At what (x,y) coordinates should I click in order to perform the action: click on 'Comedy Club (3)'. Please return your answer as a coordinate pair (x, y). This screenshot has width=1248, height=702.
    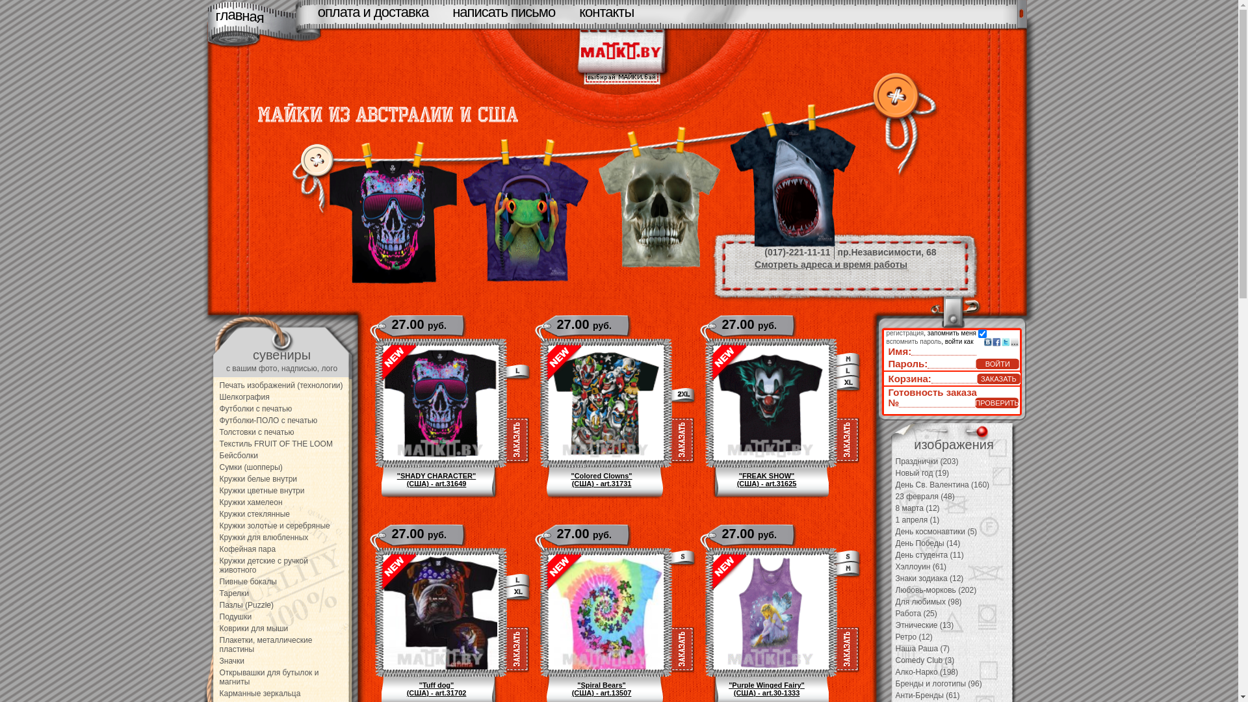
    Looking at the image, I should click on (924, 660).